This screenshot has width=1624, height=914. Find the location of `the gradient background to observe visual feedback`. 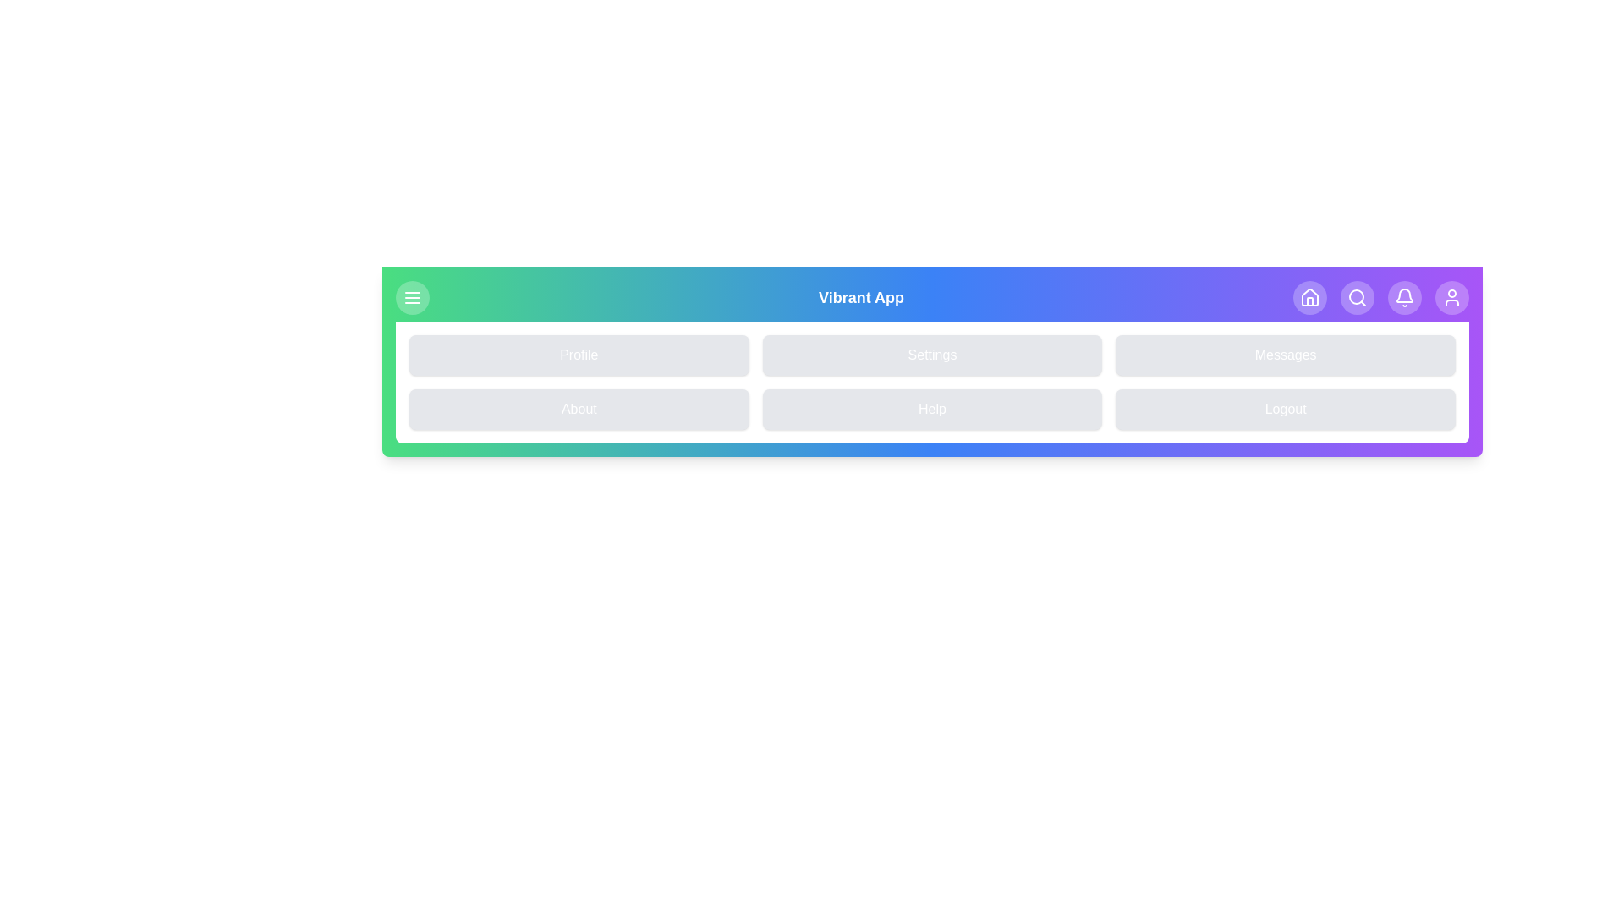

the gradient background to observe visual feedback is located at coordinates (931, 361).